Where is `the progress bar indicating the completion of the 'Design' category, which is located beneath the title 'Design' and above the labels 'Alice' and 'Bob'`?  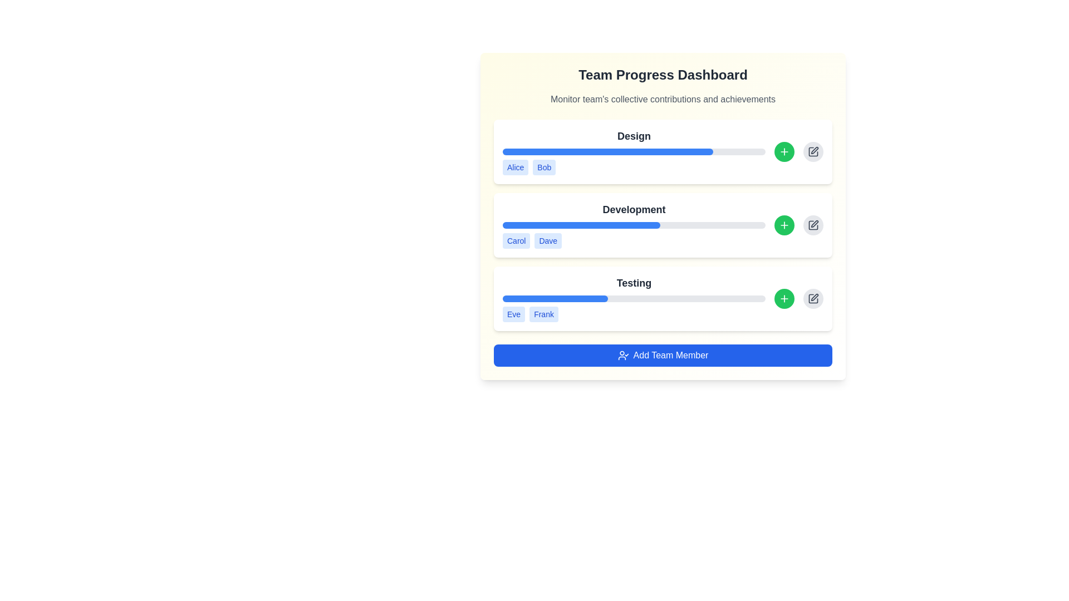
the progress bar indicating the completion of the 'Design' category, which is located beneath the title 'Design' and above the labels 'Alice' and 'Bob' is located at coordinates (634, 152).